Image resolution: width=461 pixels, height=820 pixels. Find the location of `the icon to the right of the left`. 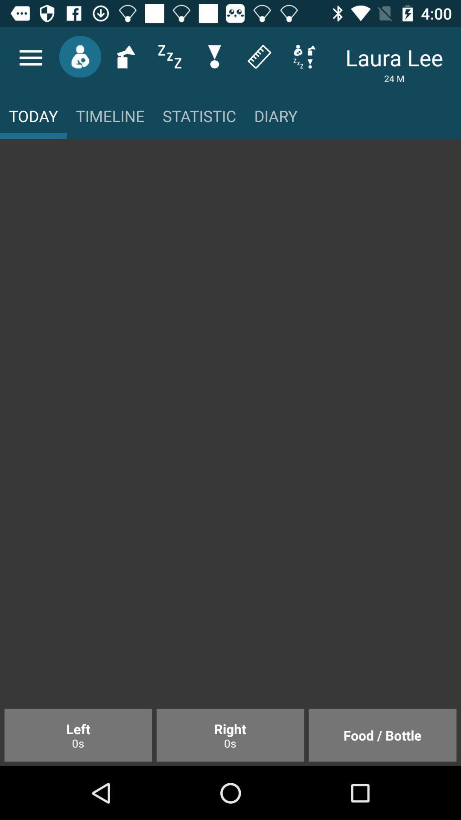

the icon to the right of the left is located at coordinates (230, 735).